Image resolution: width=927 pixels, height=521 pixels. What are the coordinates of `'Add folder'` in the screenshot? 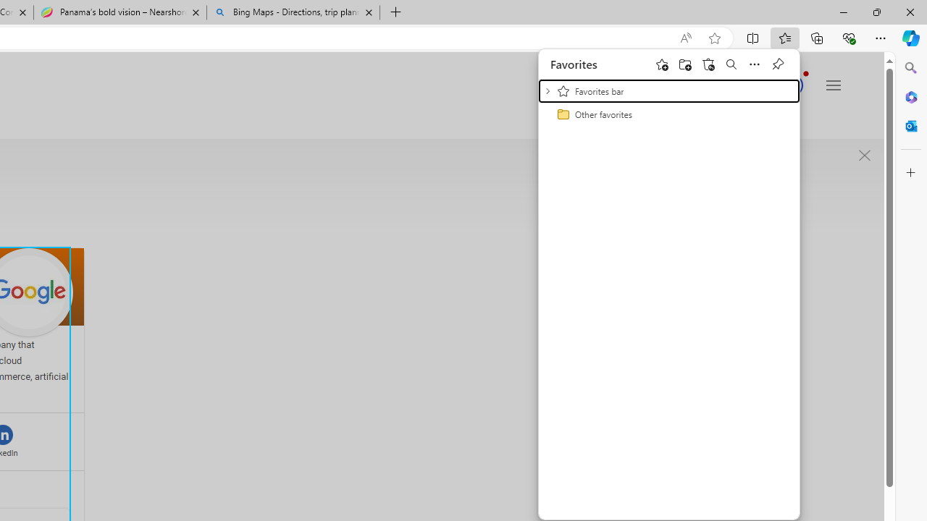 It's located at (684, 63).